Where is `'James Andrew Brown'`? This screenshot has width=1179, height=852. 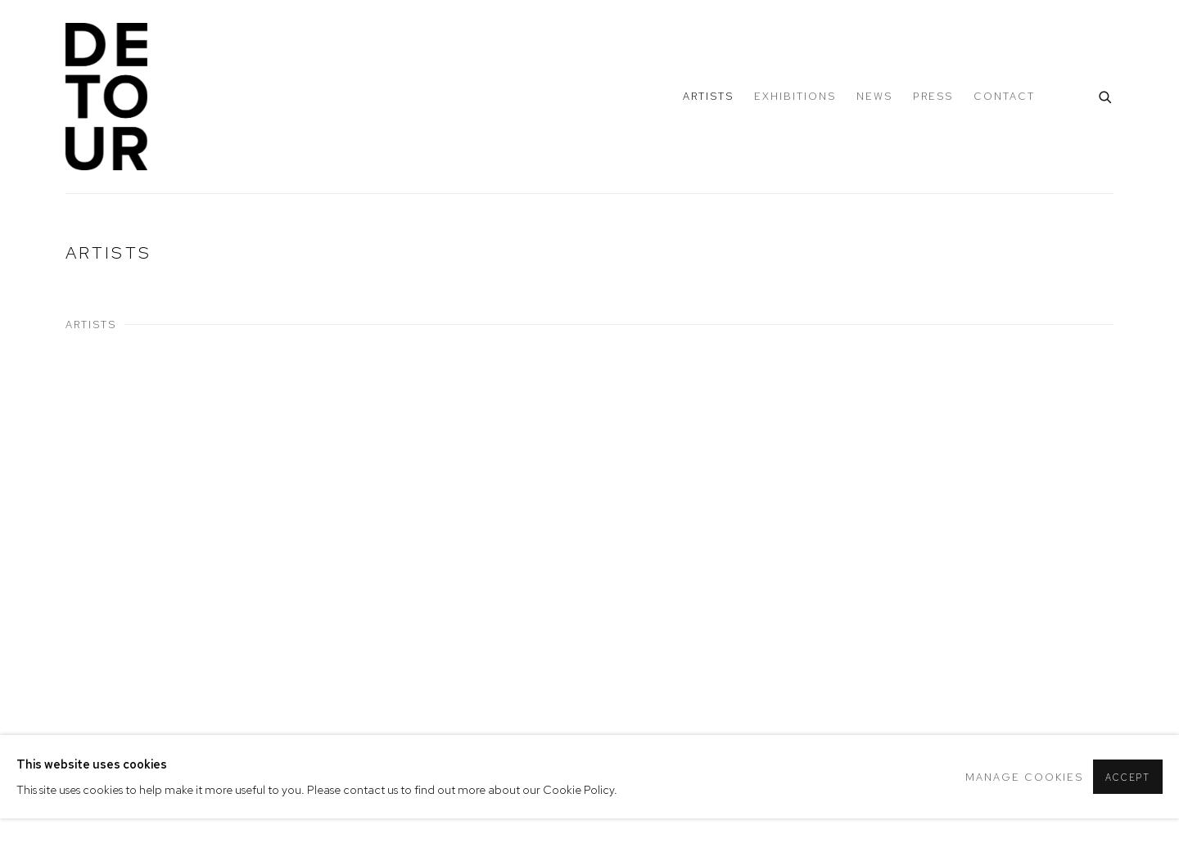 'James Andrew Brown' is located at coordinates (162, 807).